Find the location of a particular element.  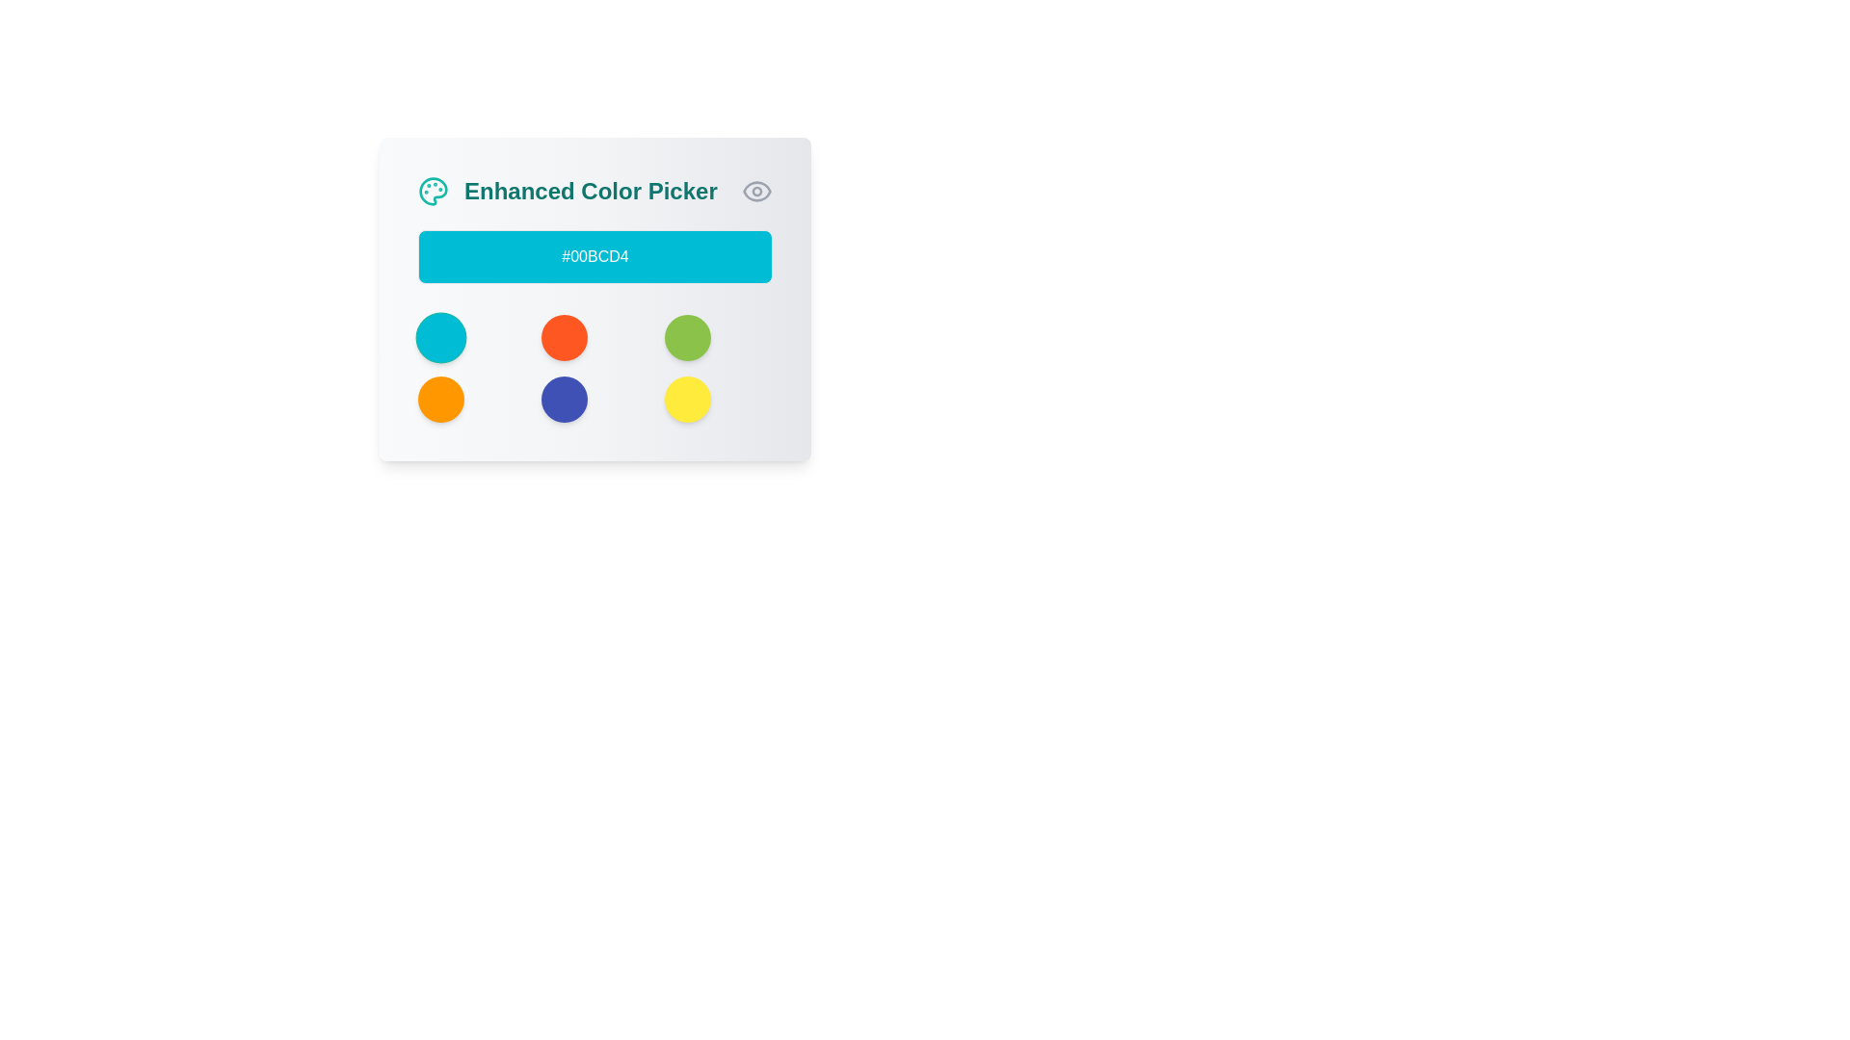

the circular button in the bottom-left corner of the color picker interface is located at coordinates (439, 399).